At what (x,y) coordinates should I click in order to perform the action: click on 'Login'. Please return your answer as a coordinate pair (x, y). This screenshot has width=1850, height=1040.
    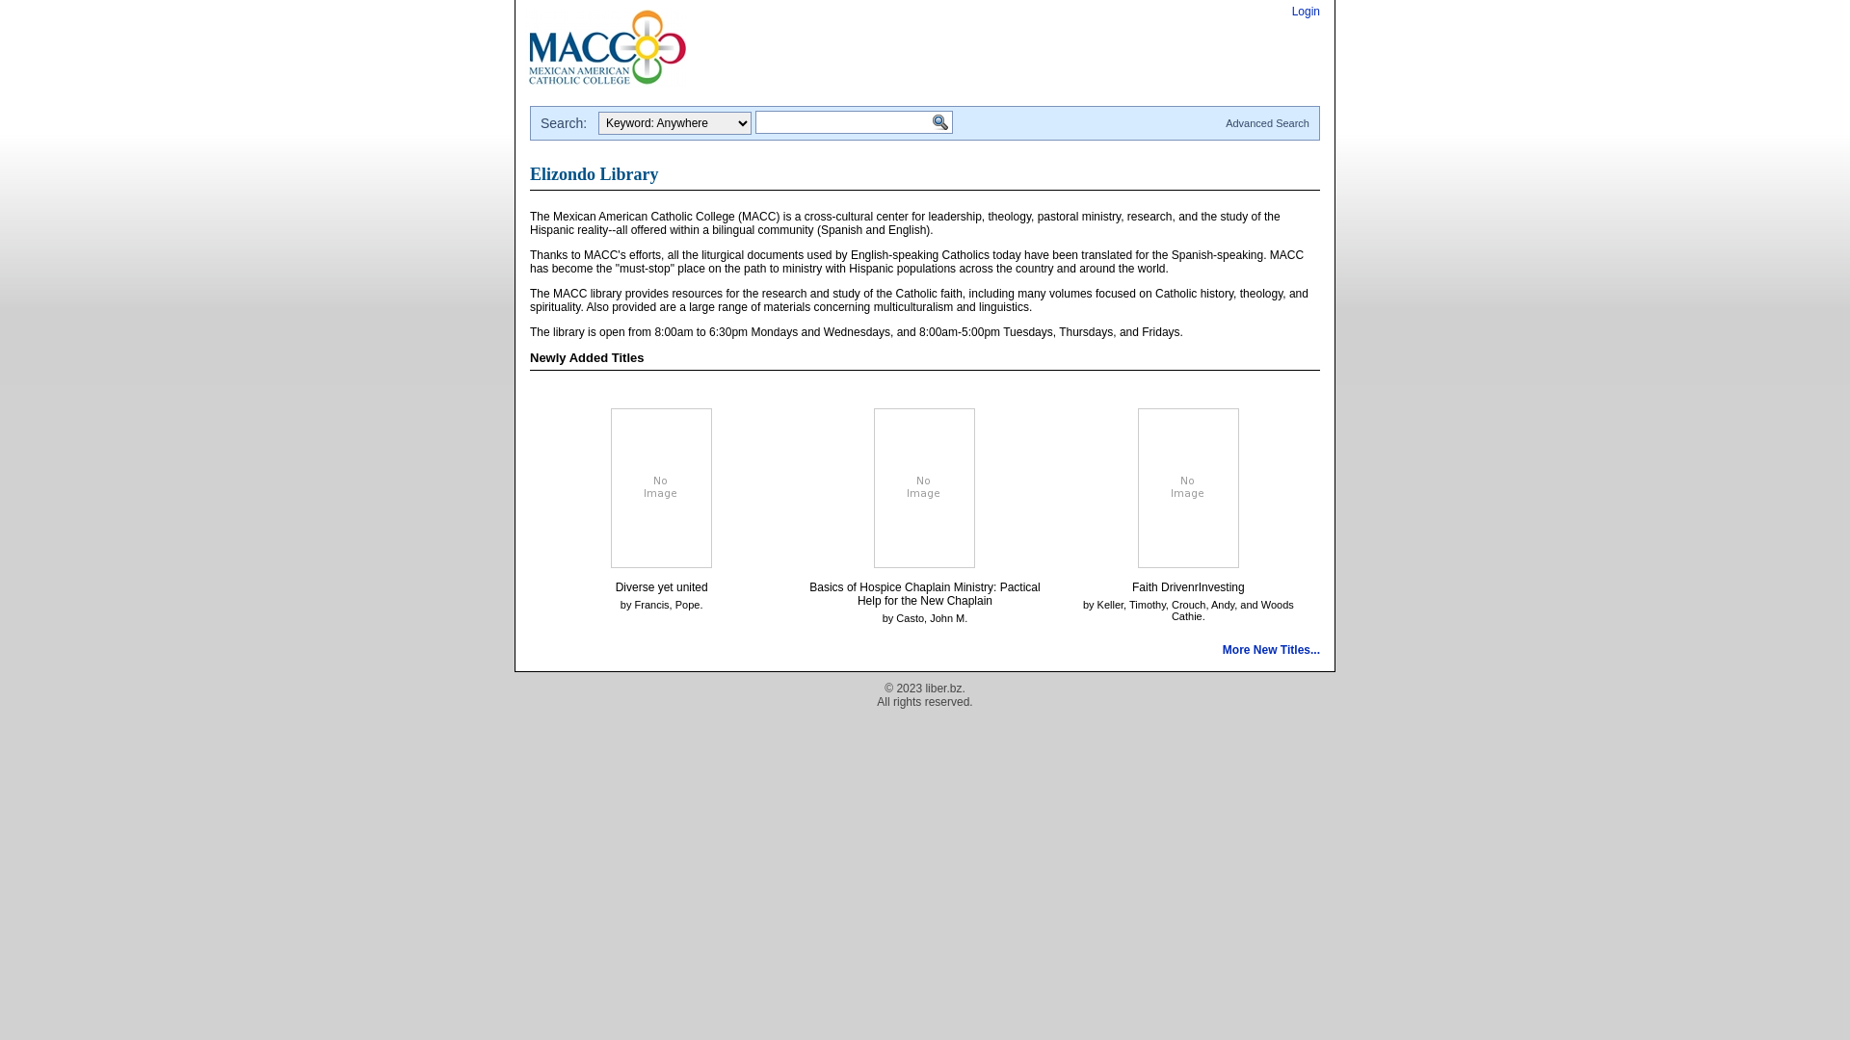
    Looking at the image, I should click on (1306, 11).